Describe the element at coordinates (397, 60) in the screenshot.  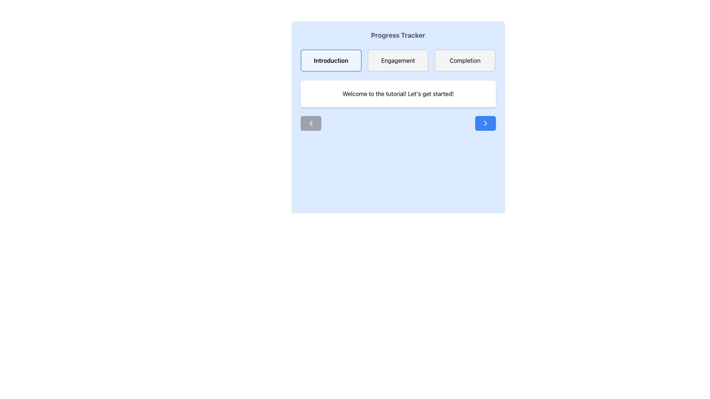
I see `the central button in the Progress Tracker` at that location.